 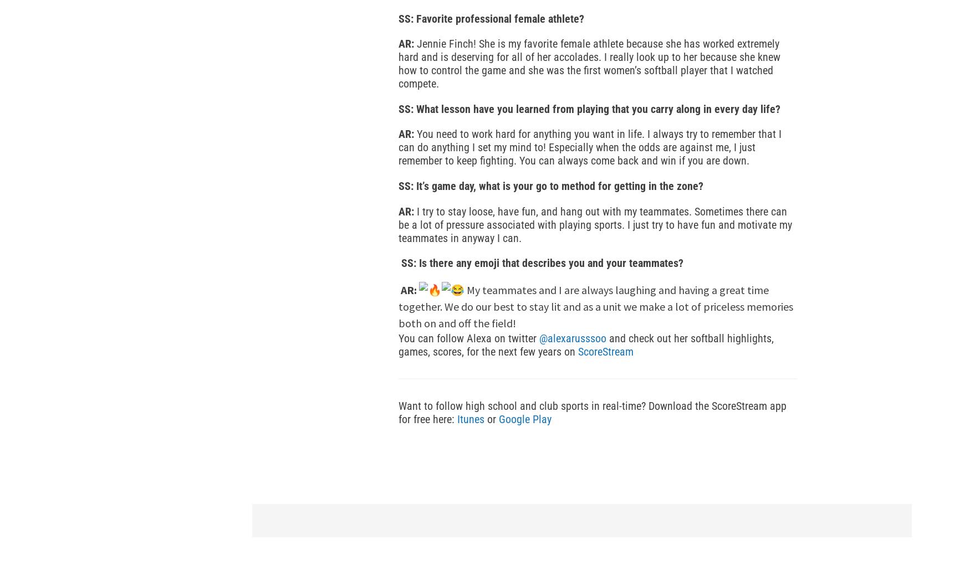 What do you see at coordinates (589, 63) in the screenshot?
I see `'Jennie Finch! She is my favorite female athlete because she has worked extremely hard and is deserving for all of her accolades. I really look up to her because she knew how to control the game and she was the first women’s softball player that I watched compete.'` at bounding box center [589, 63].